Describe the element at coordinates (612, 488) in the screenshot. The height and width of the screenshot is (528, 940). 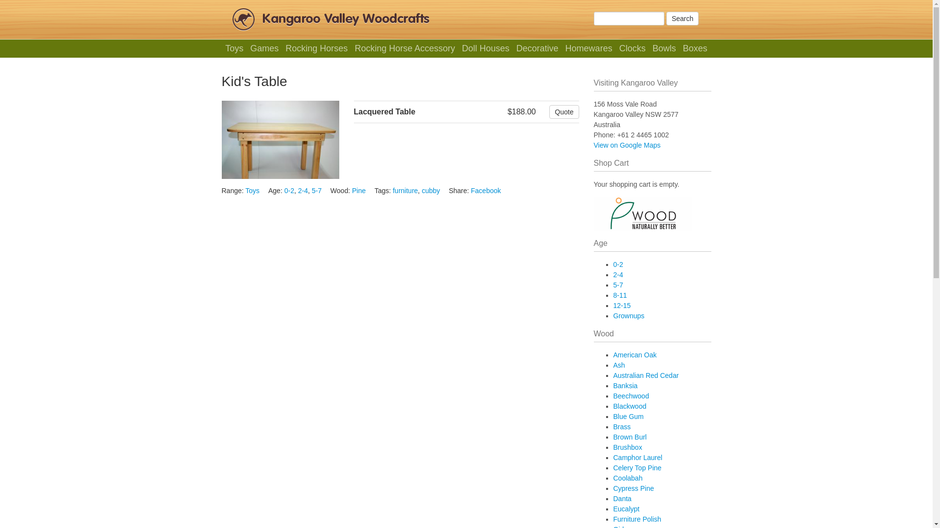
I see `'Cypress Pine'` at that location.